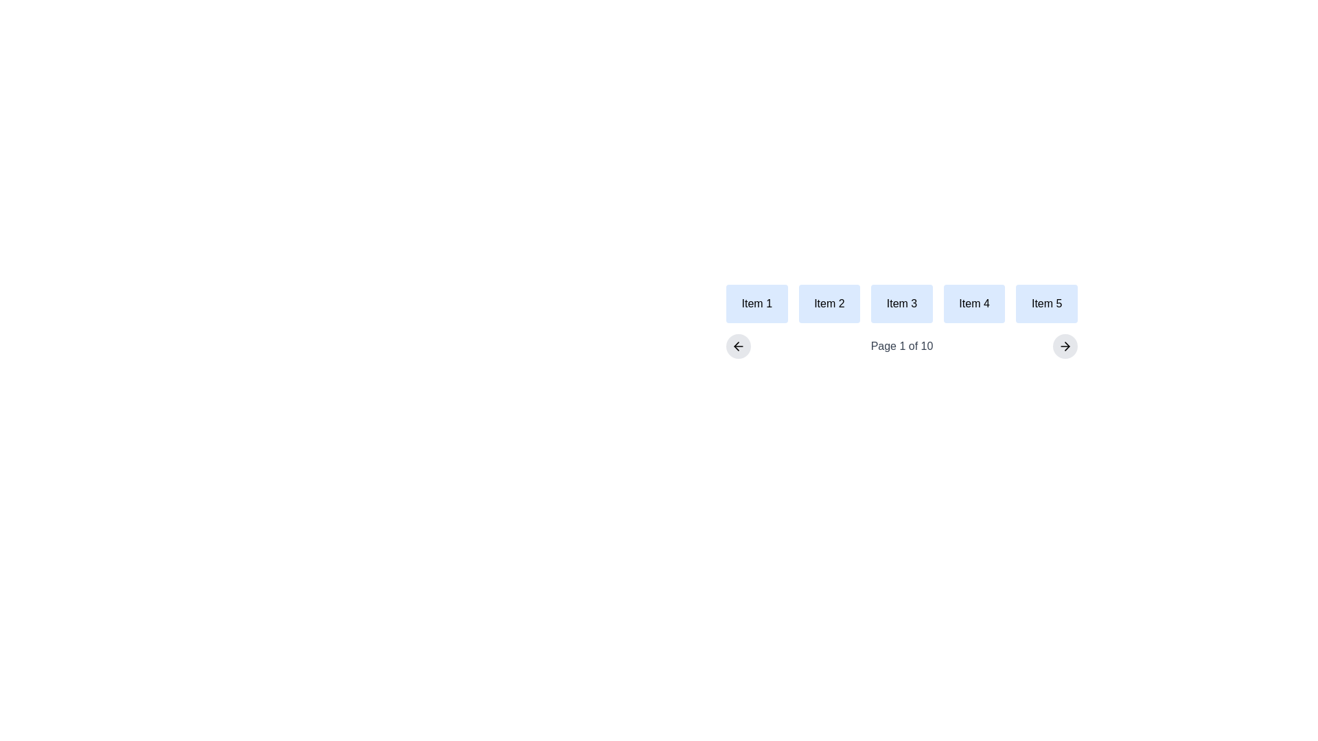  What do you see at coordinates (902, 346) in the screenshot?
I see `the static text label that indicates the current page number and total pages within the pagination interface, located between the left and right arrows` at bounding box center [902, 346].